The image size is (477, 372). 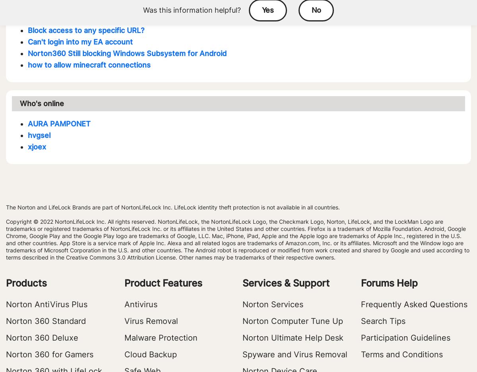 What do you see at coordinates (295, 354) in the screenshot?
I see `'Spyware and Virus Removal'` at bounding box center [295, 354].